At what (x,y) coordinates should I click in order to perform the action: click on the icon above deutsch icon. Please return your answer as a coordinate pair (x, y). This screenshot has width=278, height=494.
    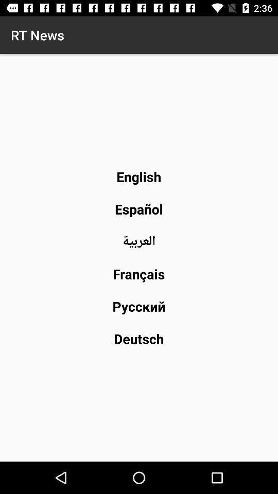
    Looking at the image, I should click on (139, 306).